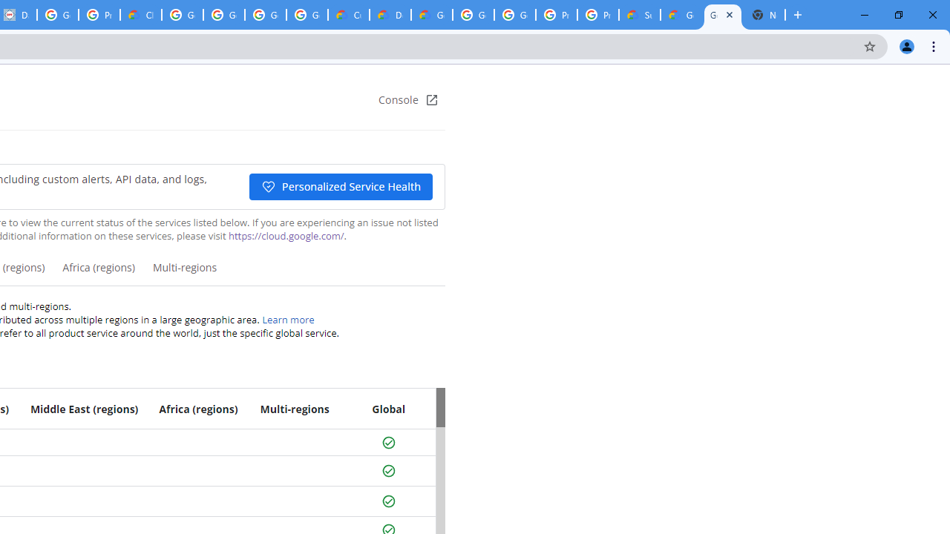 The height and width of the screenshot is (534, 950). Describe the element at coordinates (408, 100) in the screenshot. I see `'Console'` at that location.